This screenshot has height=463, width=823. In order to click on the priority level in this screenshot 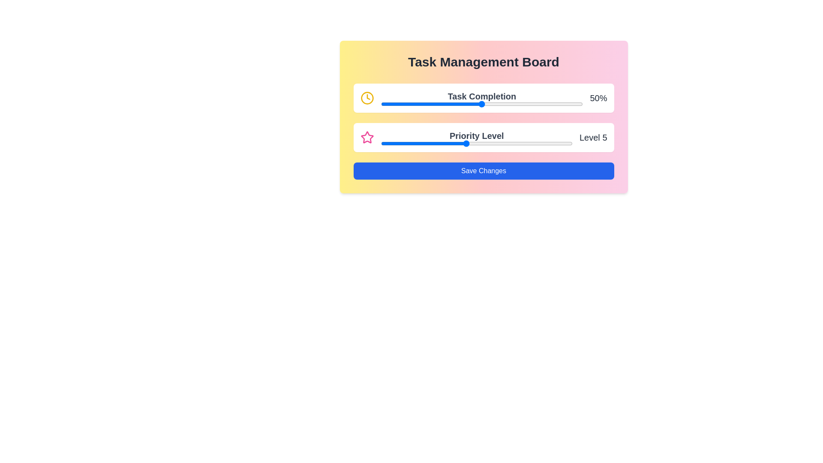, I will do `click(551, 143)`.